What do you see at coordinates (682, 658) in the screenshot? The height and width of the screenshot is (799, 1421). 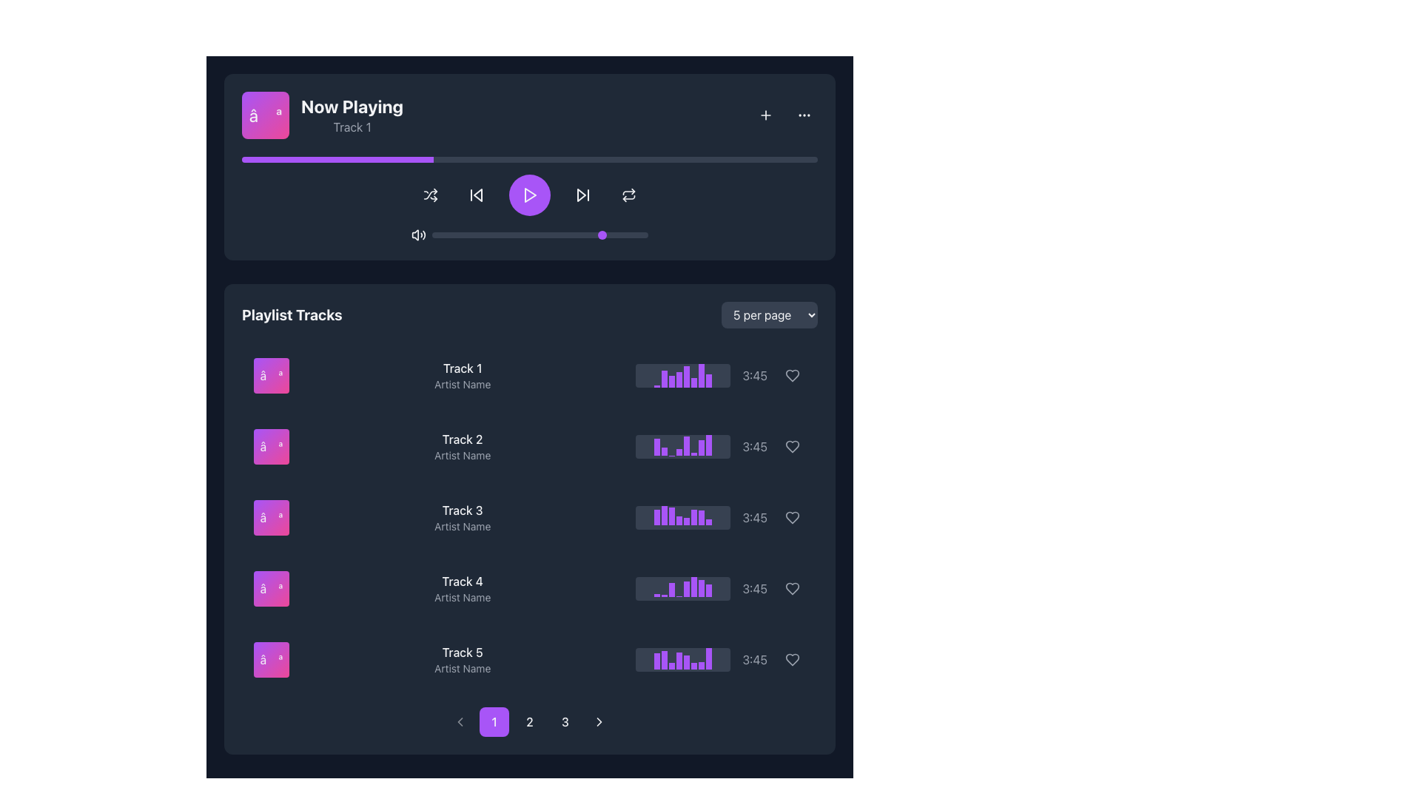 I see `the graphical equalizer visualization with a dark gray background and vertical purple bars, positioned in the fifth track entry of the playlist, to the right of the track name and artist information` at bounding box center [682, 658].